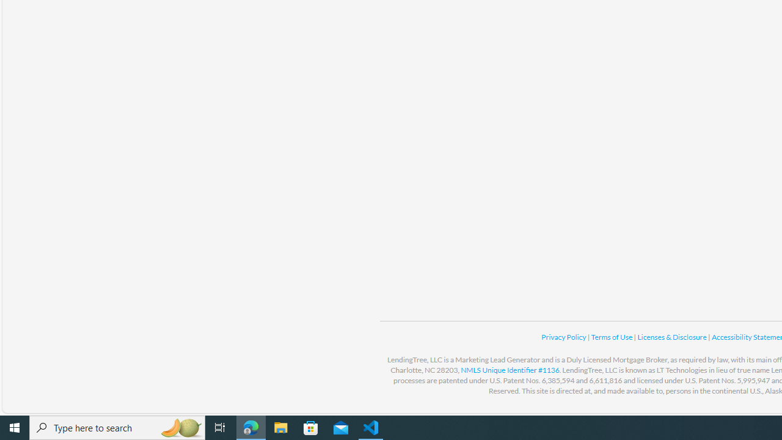  I want to click on 'Privacy Policy ', so click(564, 337).